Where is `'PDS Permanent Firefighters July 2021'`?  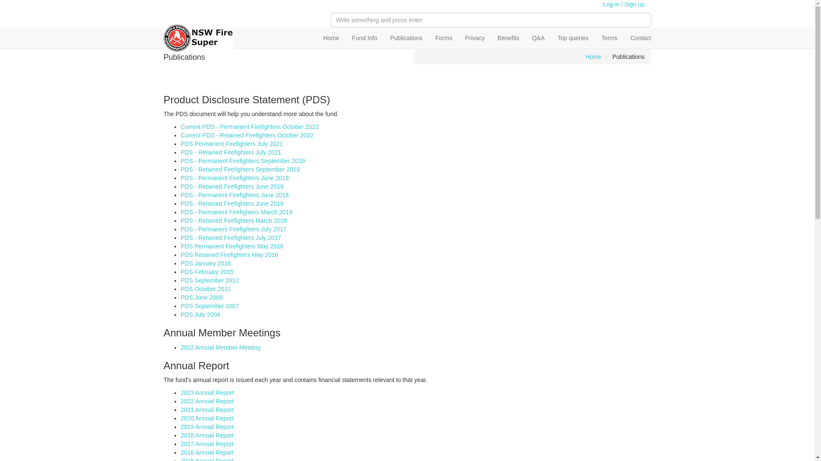 'PDS Permanent Firefighters July 2021' is located at coordinates (231, 143).